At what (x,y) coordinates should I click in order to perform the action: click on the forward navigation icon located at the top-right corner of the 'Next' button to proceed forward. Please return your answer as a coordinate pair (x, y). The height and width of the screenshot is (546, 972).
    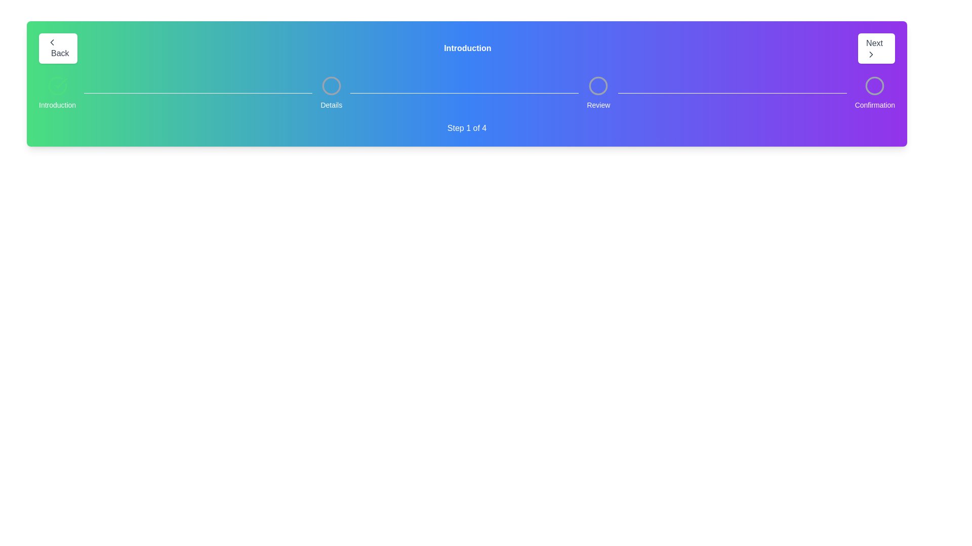
    Looking at the image, I should click on (871, 55).